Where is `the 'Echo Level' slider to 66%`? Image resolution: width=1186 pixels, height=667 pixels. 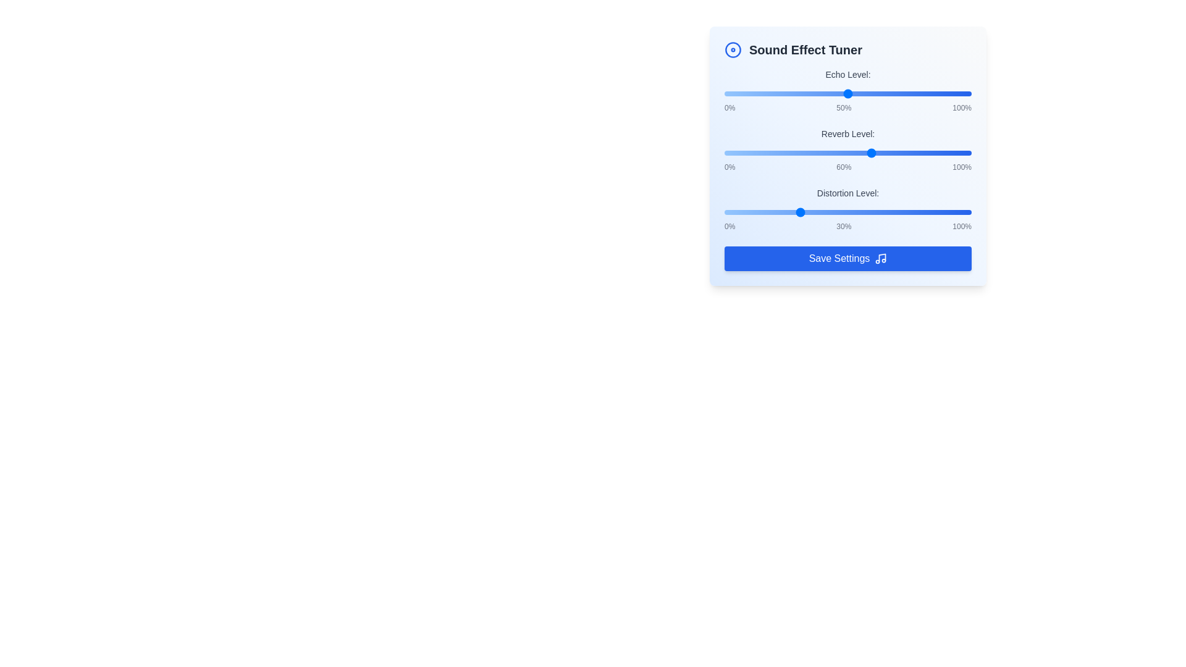
the 'Echo Level' slider to 66% is located at coordinates (886, 93).